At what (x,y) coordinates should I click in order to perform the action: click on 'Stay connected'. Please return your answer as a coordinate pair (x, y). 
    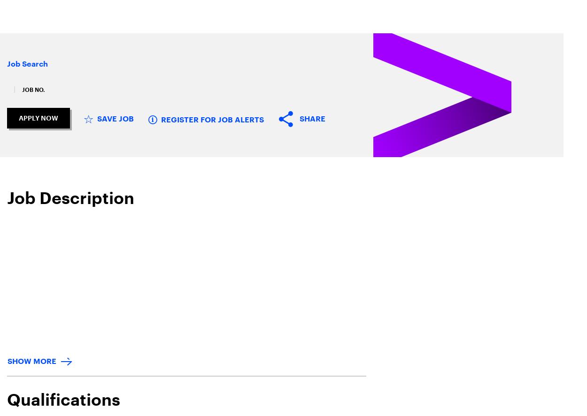
    Looking at the image, I should click on (93, 273).